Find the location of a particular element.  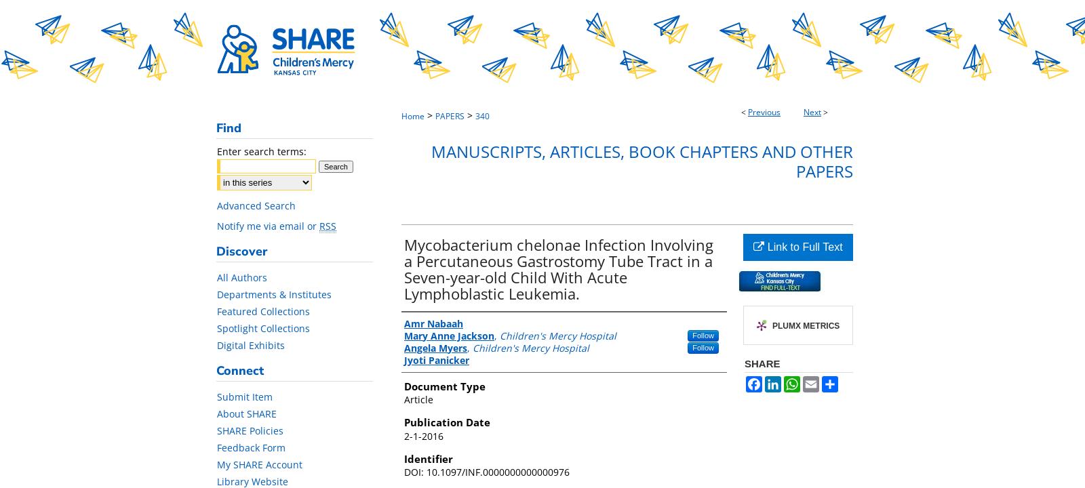

'Jyoti Panicker' is located at coordinates (437, 359).